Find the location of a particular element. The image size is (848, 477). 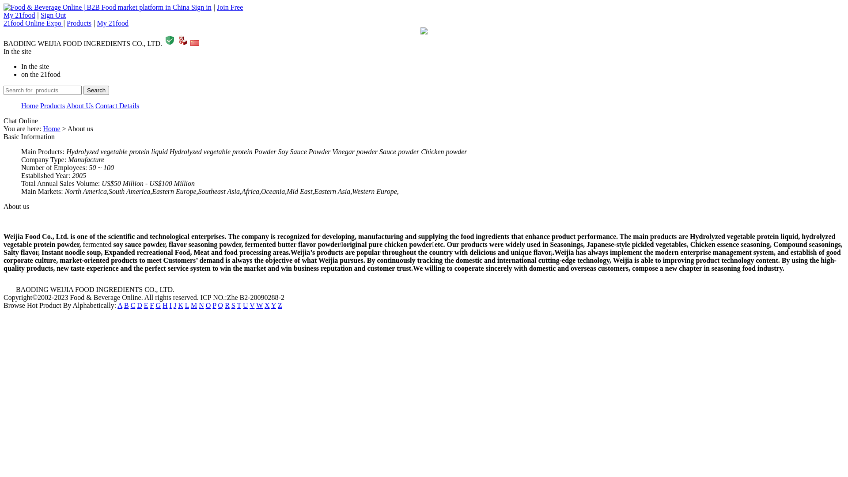

'Contact Details' is located at coordinates (117, 105).